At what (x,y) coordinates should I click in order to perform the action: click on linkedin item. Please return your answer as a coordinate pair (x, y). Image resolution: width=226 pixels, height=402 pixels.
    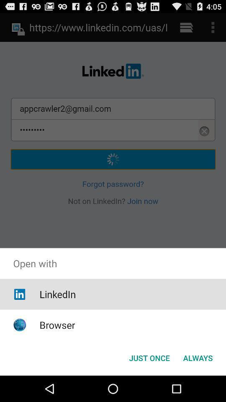
    Looking at the image, I should click on (57, 294).